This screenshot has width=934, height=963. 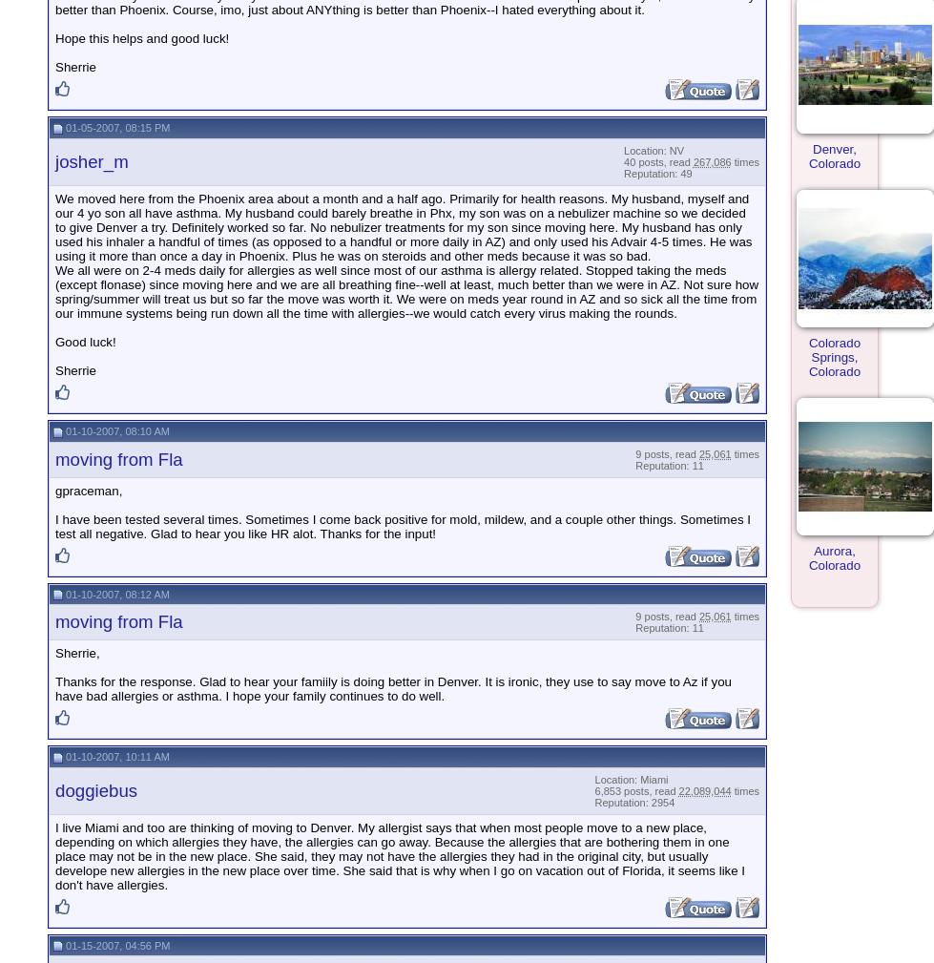 I want to click on 'doggiebus', so click(x=96, y=789).